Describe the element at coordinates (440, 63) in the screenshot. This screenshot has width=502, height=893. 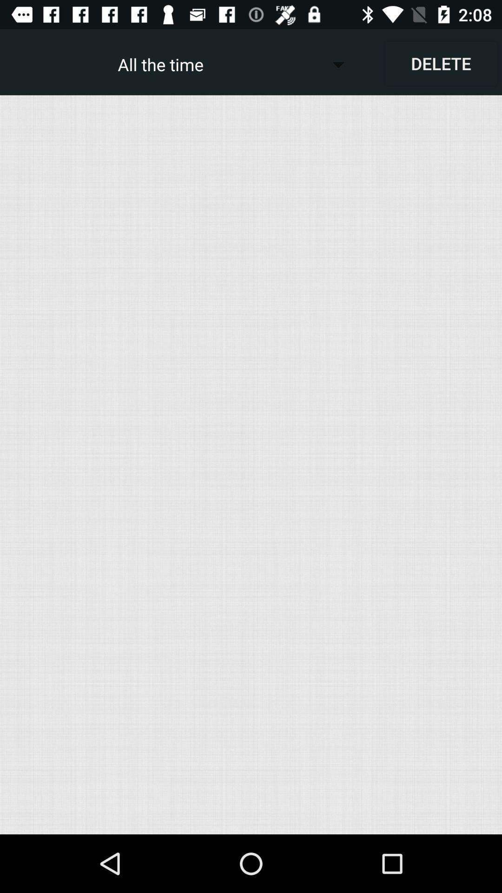
I see `delete` at that location.